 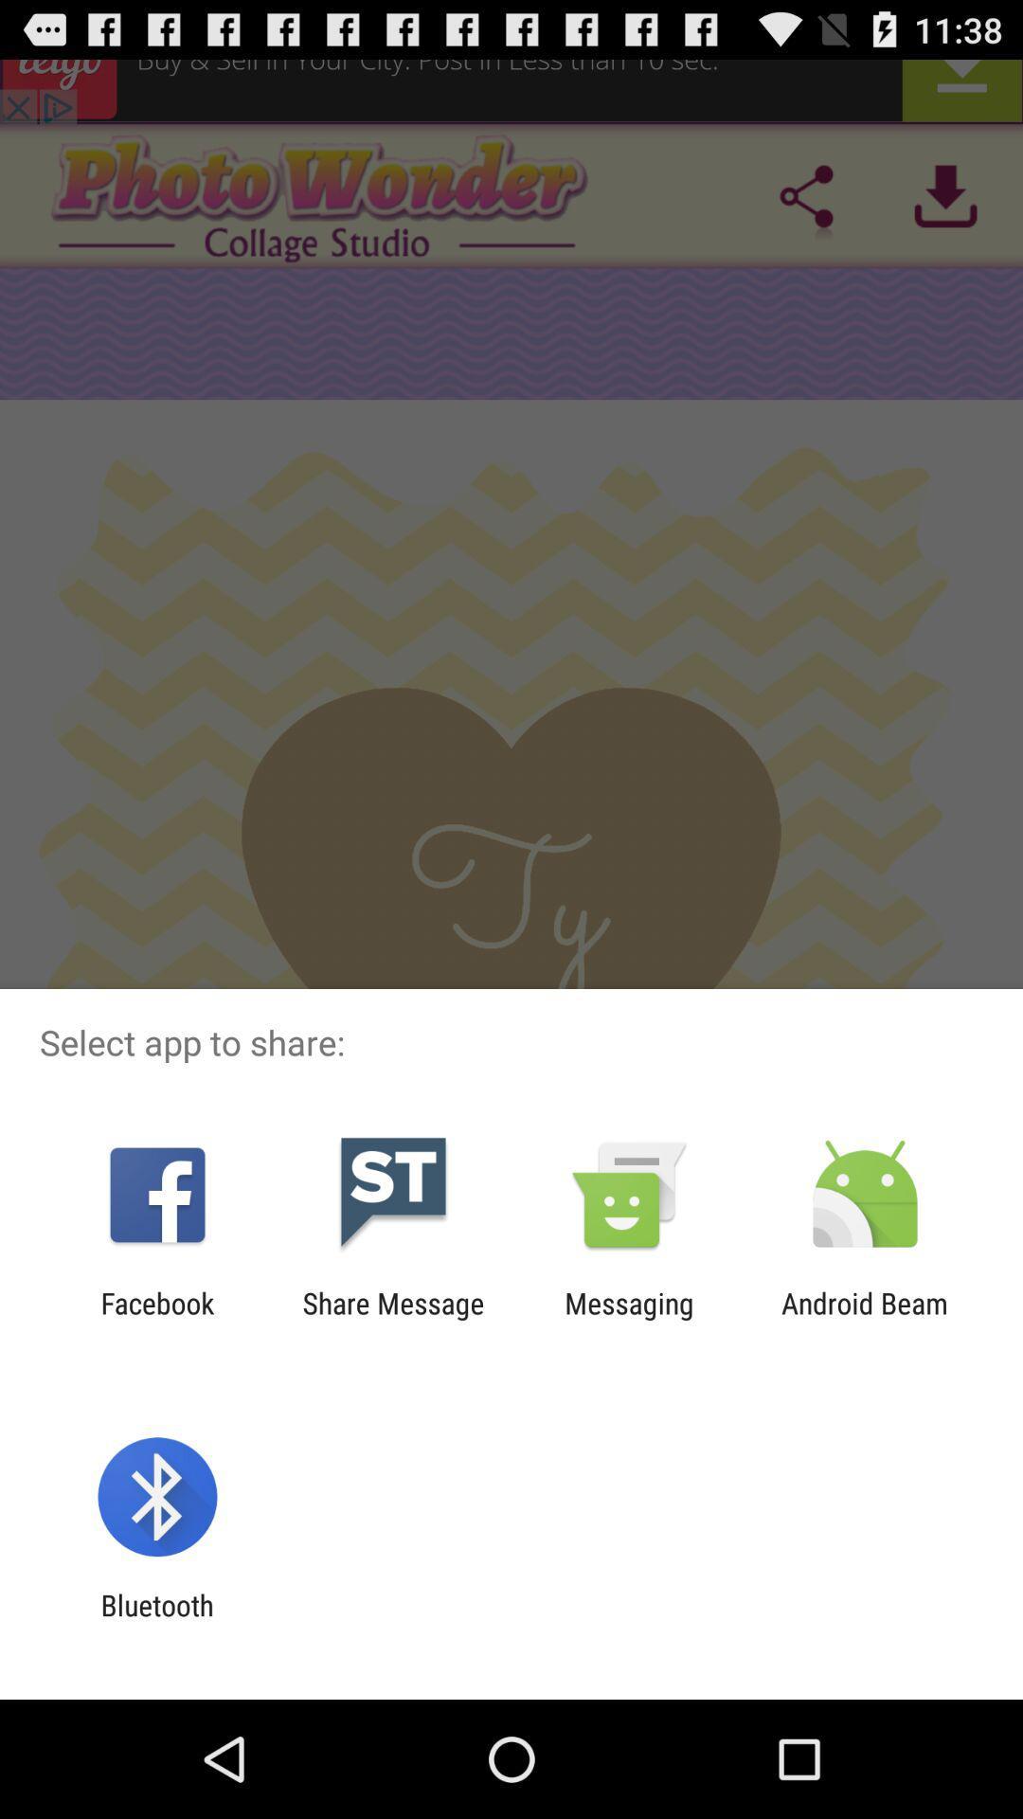 I want to click on the bluetooth, so click(x=156, y=1621).